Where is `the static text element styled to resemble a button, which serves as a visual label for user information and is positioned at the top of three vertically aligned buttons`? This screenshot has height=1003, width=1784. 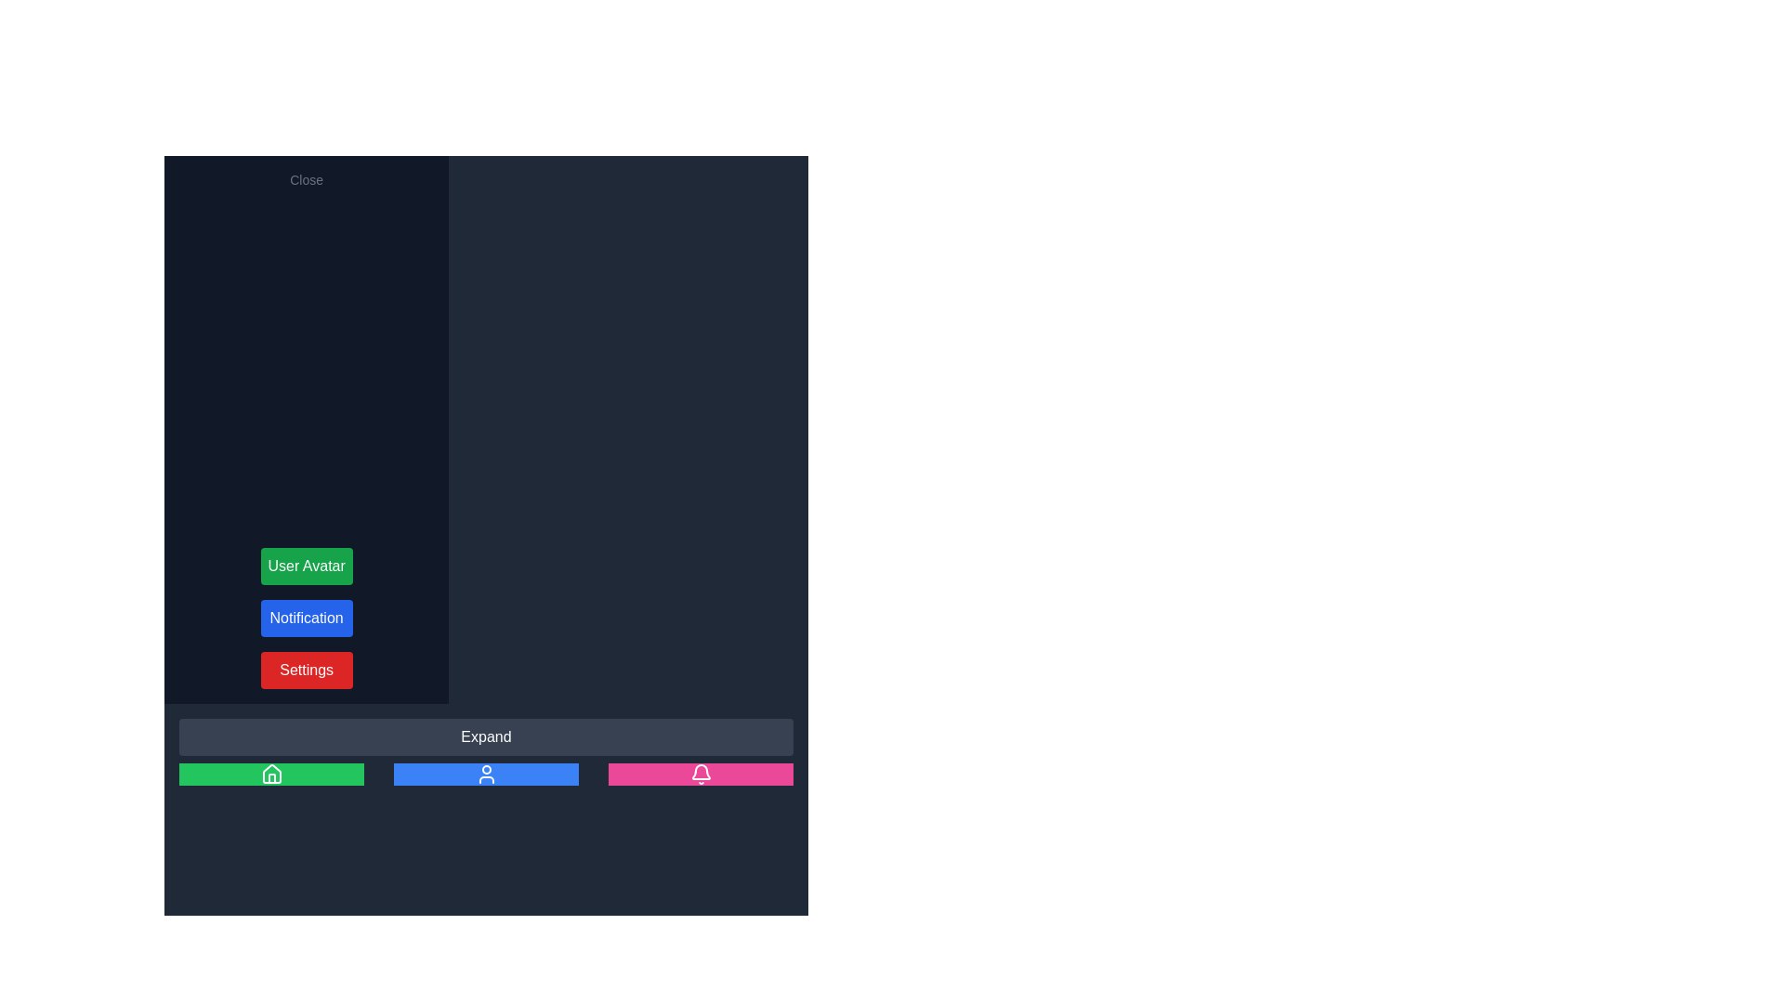
the static text element styled to resemble a button, which serves as a visual label for user information and is positioned at the top of three vertically aligned buttons is located at coordinates (307, 565).